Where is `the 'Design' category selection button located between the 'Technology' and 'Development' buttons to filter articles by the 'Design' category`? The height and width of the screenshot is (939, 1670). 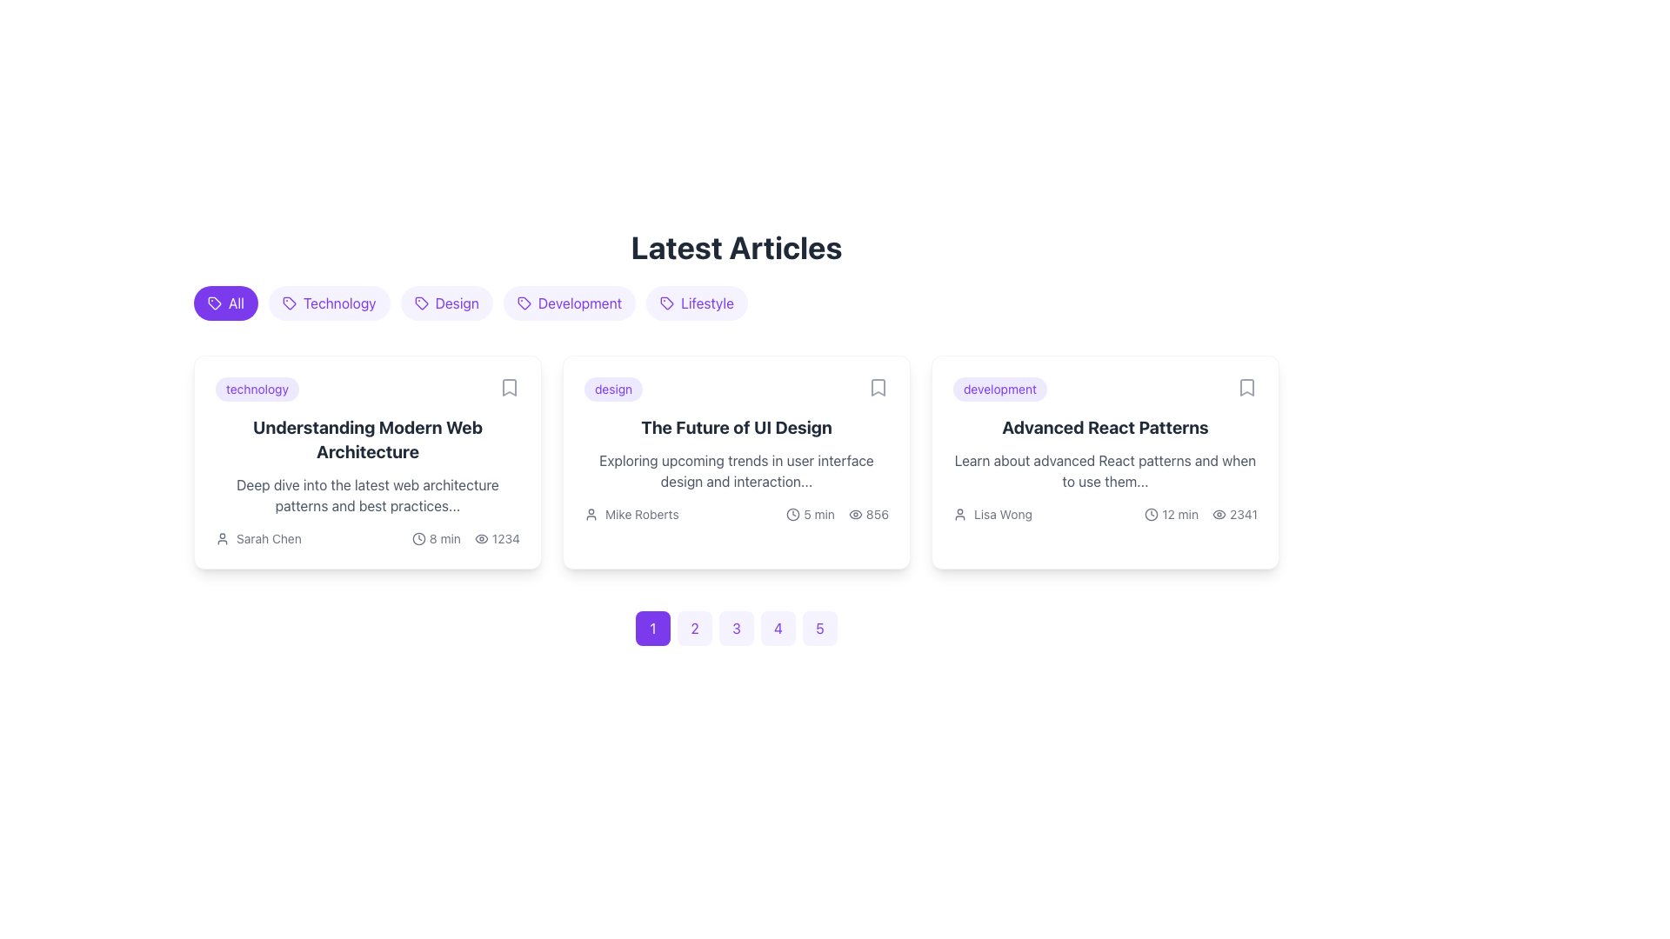 the 'Design' category selection button located between the 'Technology' and 'Development' buttons to filter articles by the 'Design' category is located at coordinates (446, 302).